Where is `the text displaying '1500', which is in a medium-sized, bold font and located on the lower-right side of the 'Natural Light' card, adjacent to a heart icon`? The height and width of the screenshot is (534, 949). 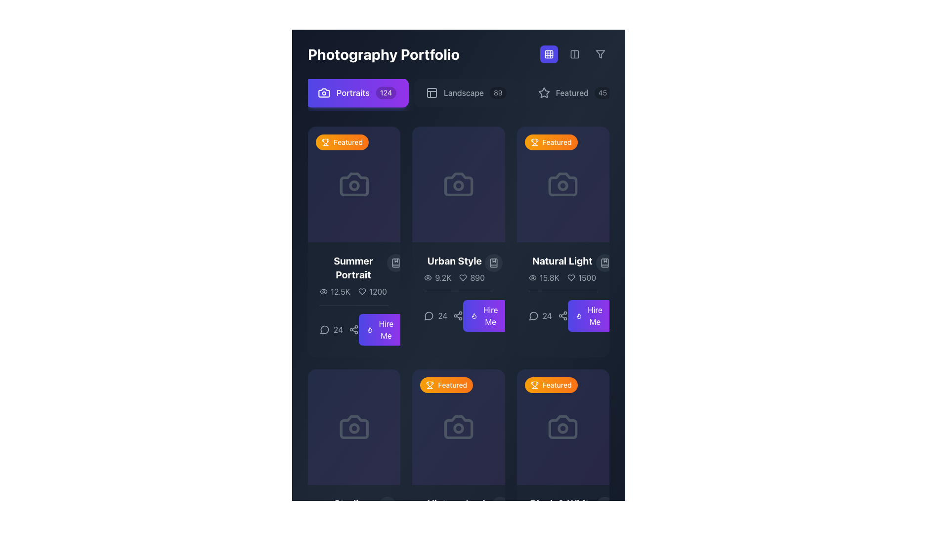
the text displaying '1500', which is in a medium-sized, bold font and located on the lower-right side of the 'Natural Light' card, adjacent to a heart icon is located at coordinates (587, 278).